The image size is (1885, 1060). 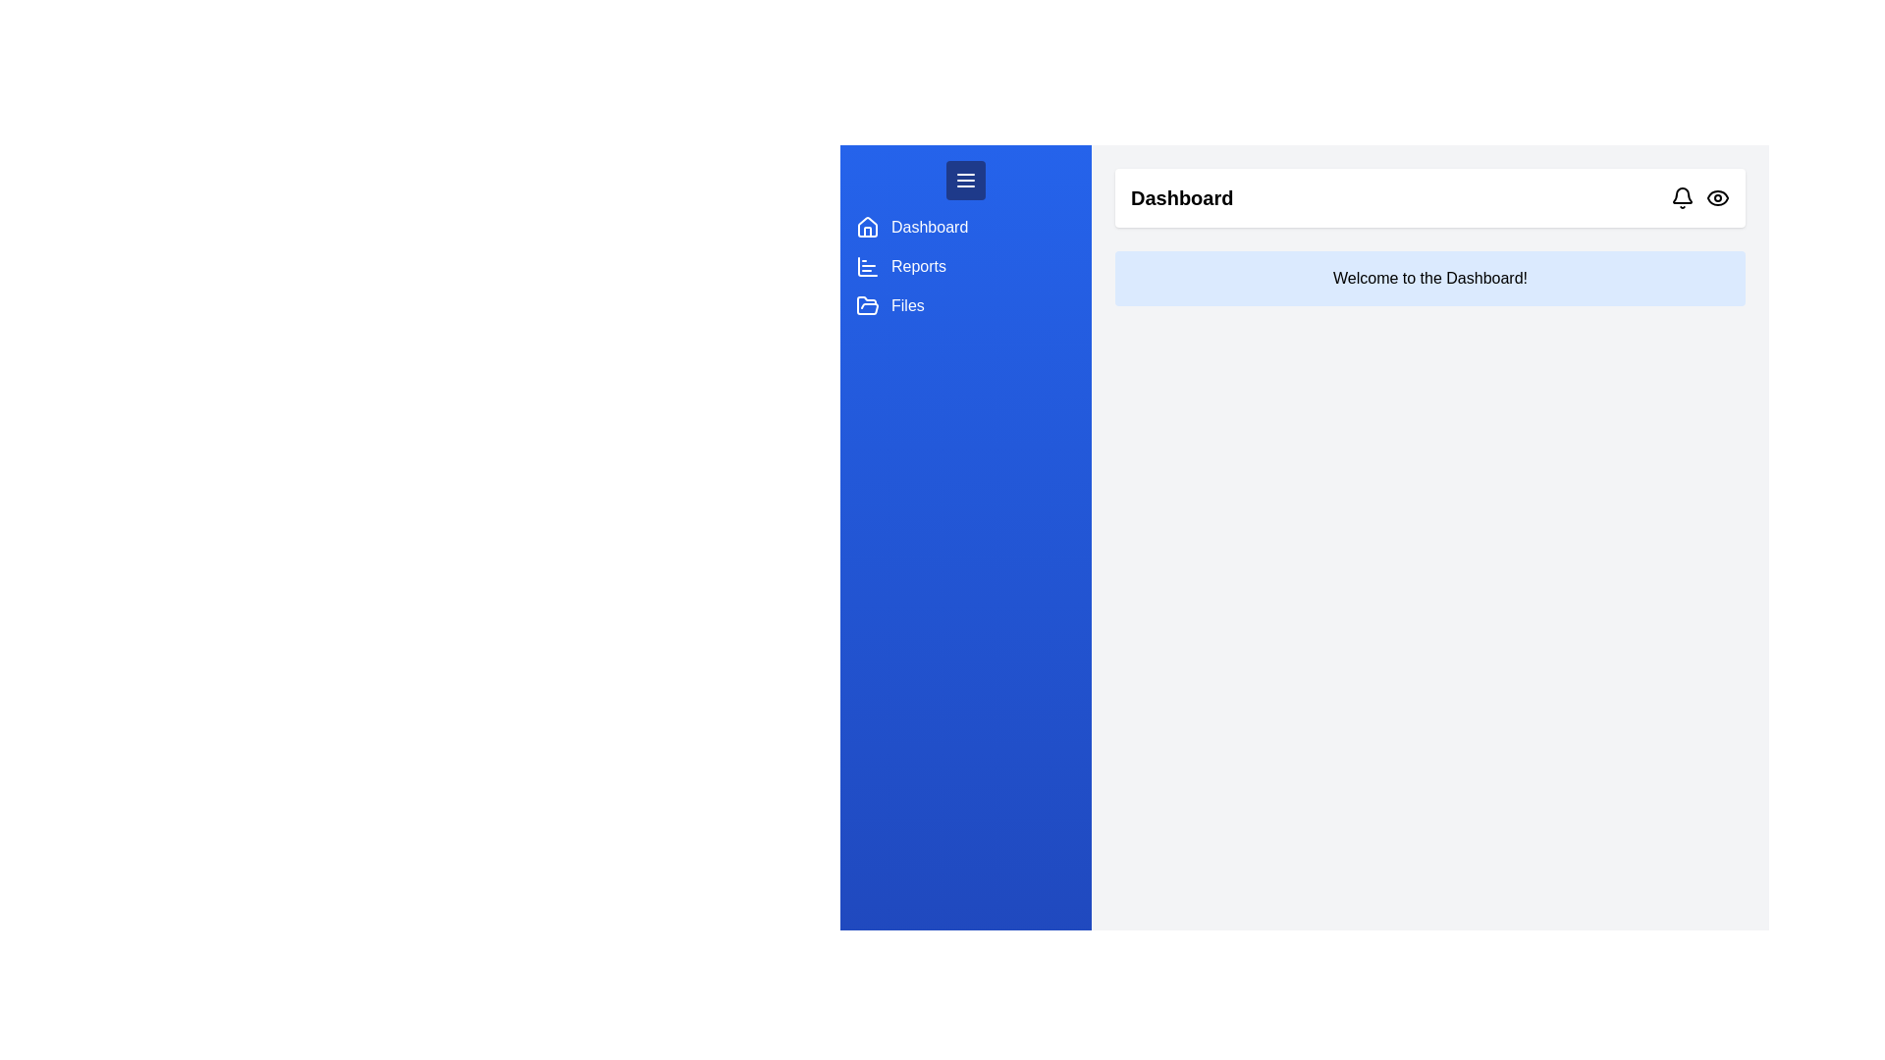 What do you see at coordinates (1430, 197) in the screenshot?
I see `the context of the header that contains the title and action icons, positioned above the 'Welcome to the Dashboard!' message` at bounding box center [1430, 197].